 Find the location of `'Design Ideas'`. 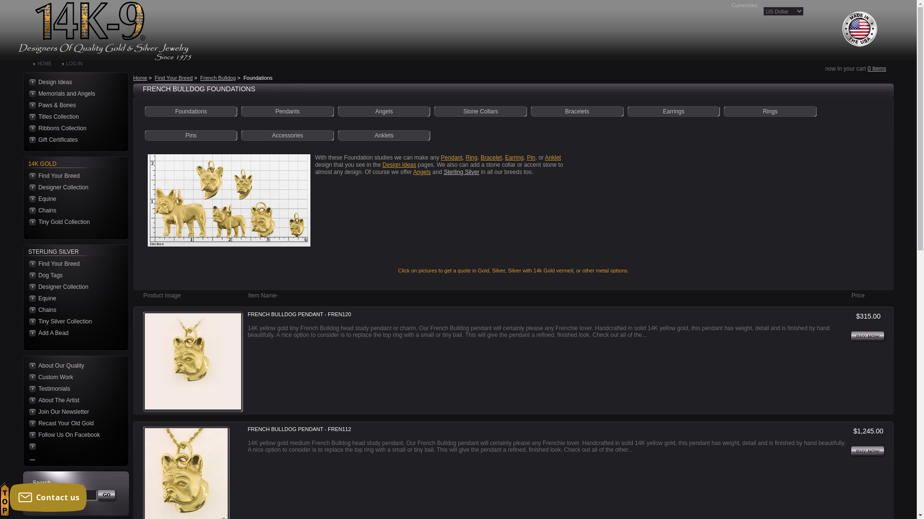

'Design Ideas' is located at coordinates (399, 164).